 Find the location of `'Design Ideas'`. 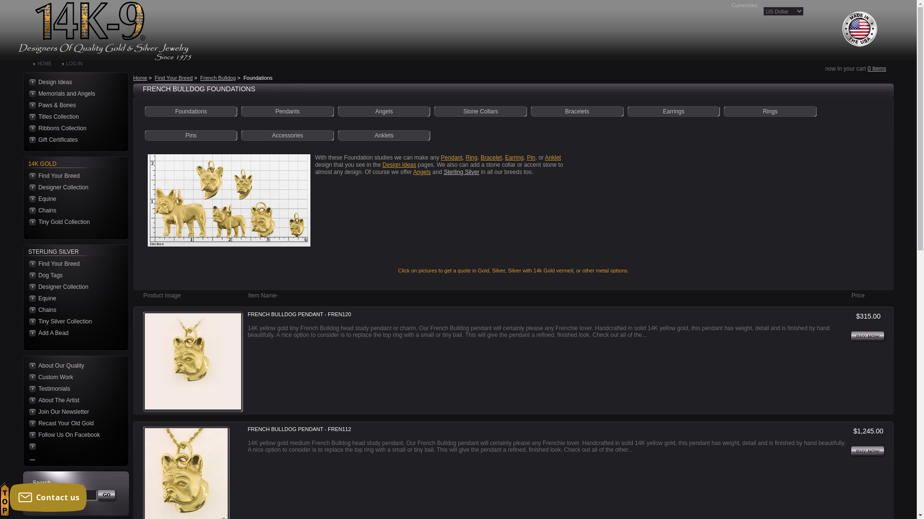

'Design Ideas' is located at coordinates (399, 164).